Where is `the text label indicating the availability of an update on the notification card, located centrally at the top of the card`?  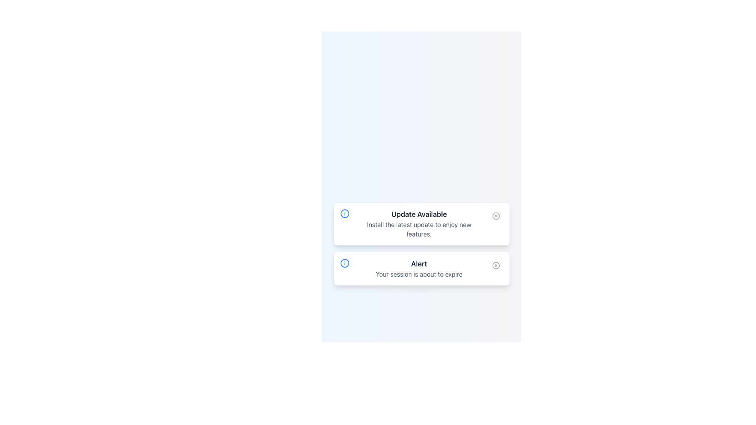
the text label indicating the availability of an update on the notification card, located centrally at the top of the card is located at coordinates (419, 214).